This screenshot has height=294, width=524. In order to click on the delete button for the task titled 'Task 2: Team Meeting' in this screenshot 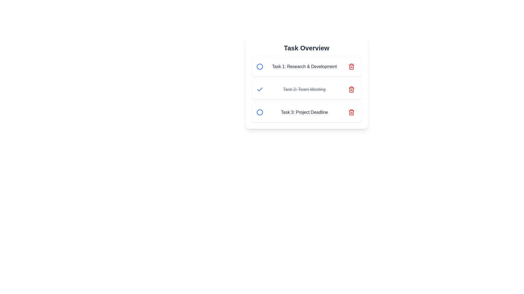, I will do `click(351, 89)`.